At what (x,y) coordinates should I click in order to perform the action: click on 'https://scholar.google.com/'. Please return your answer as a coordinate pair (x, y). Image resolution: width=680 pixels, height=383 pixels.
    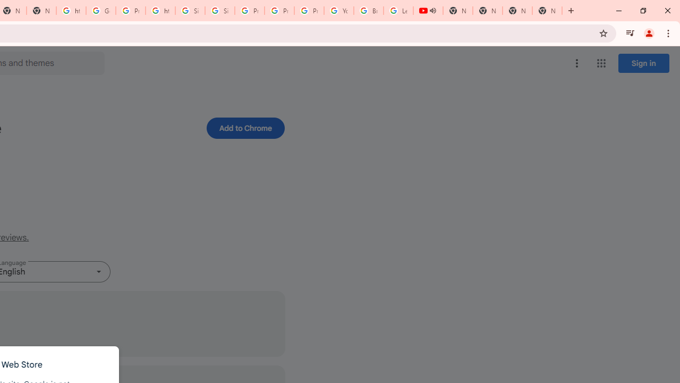
    Looking at the image, I should click on (160, 11).